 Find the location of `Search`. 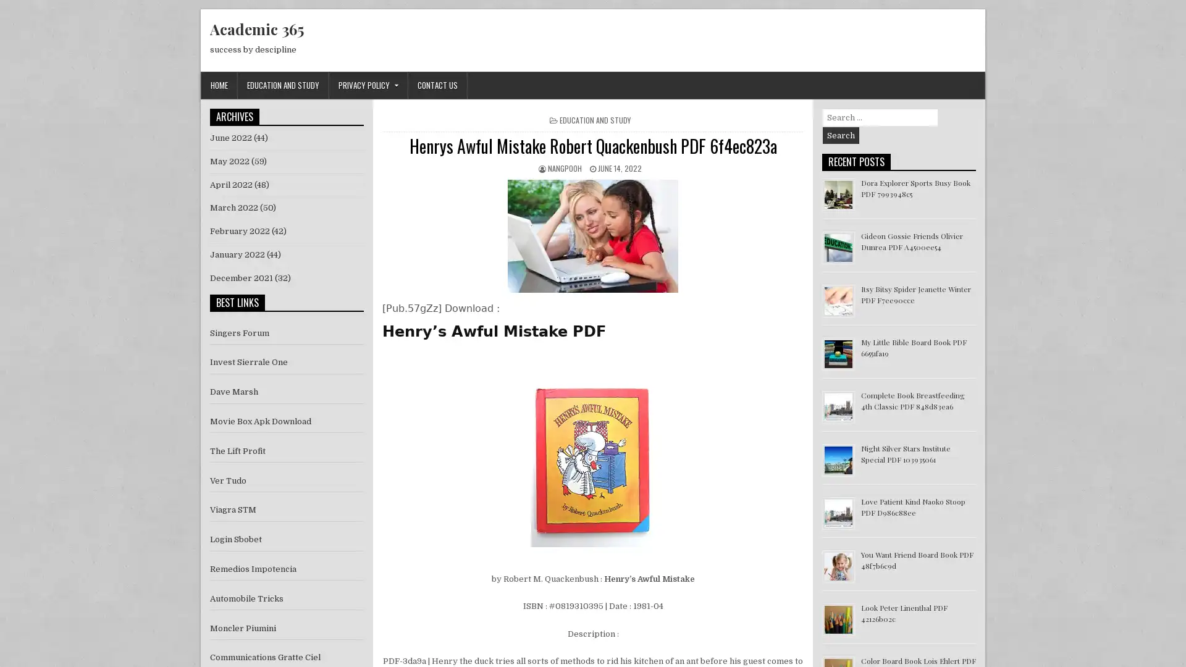

Search is located at coordinates (840, 135).